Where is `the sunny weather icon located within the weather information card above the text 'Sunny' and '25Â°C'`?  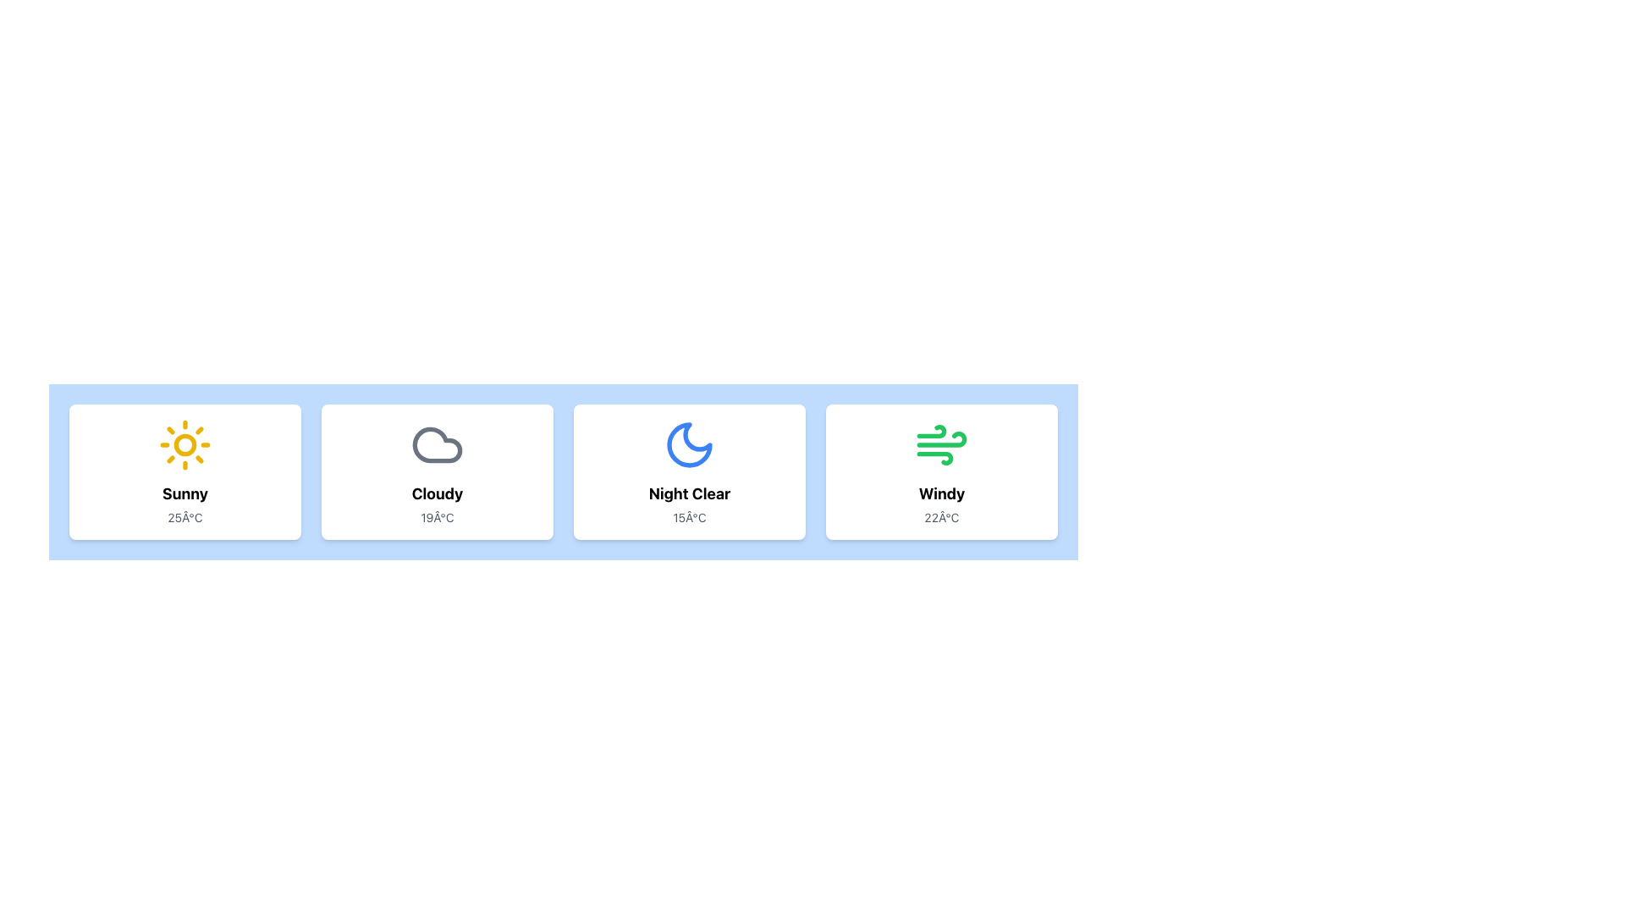 the sunny weather icon located within the weather information card above the text 'Sunny' and '25Â°C' is located at coordinates (185, 443).